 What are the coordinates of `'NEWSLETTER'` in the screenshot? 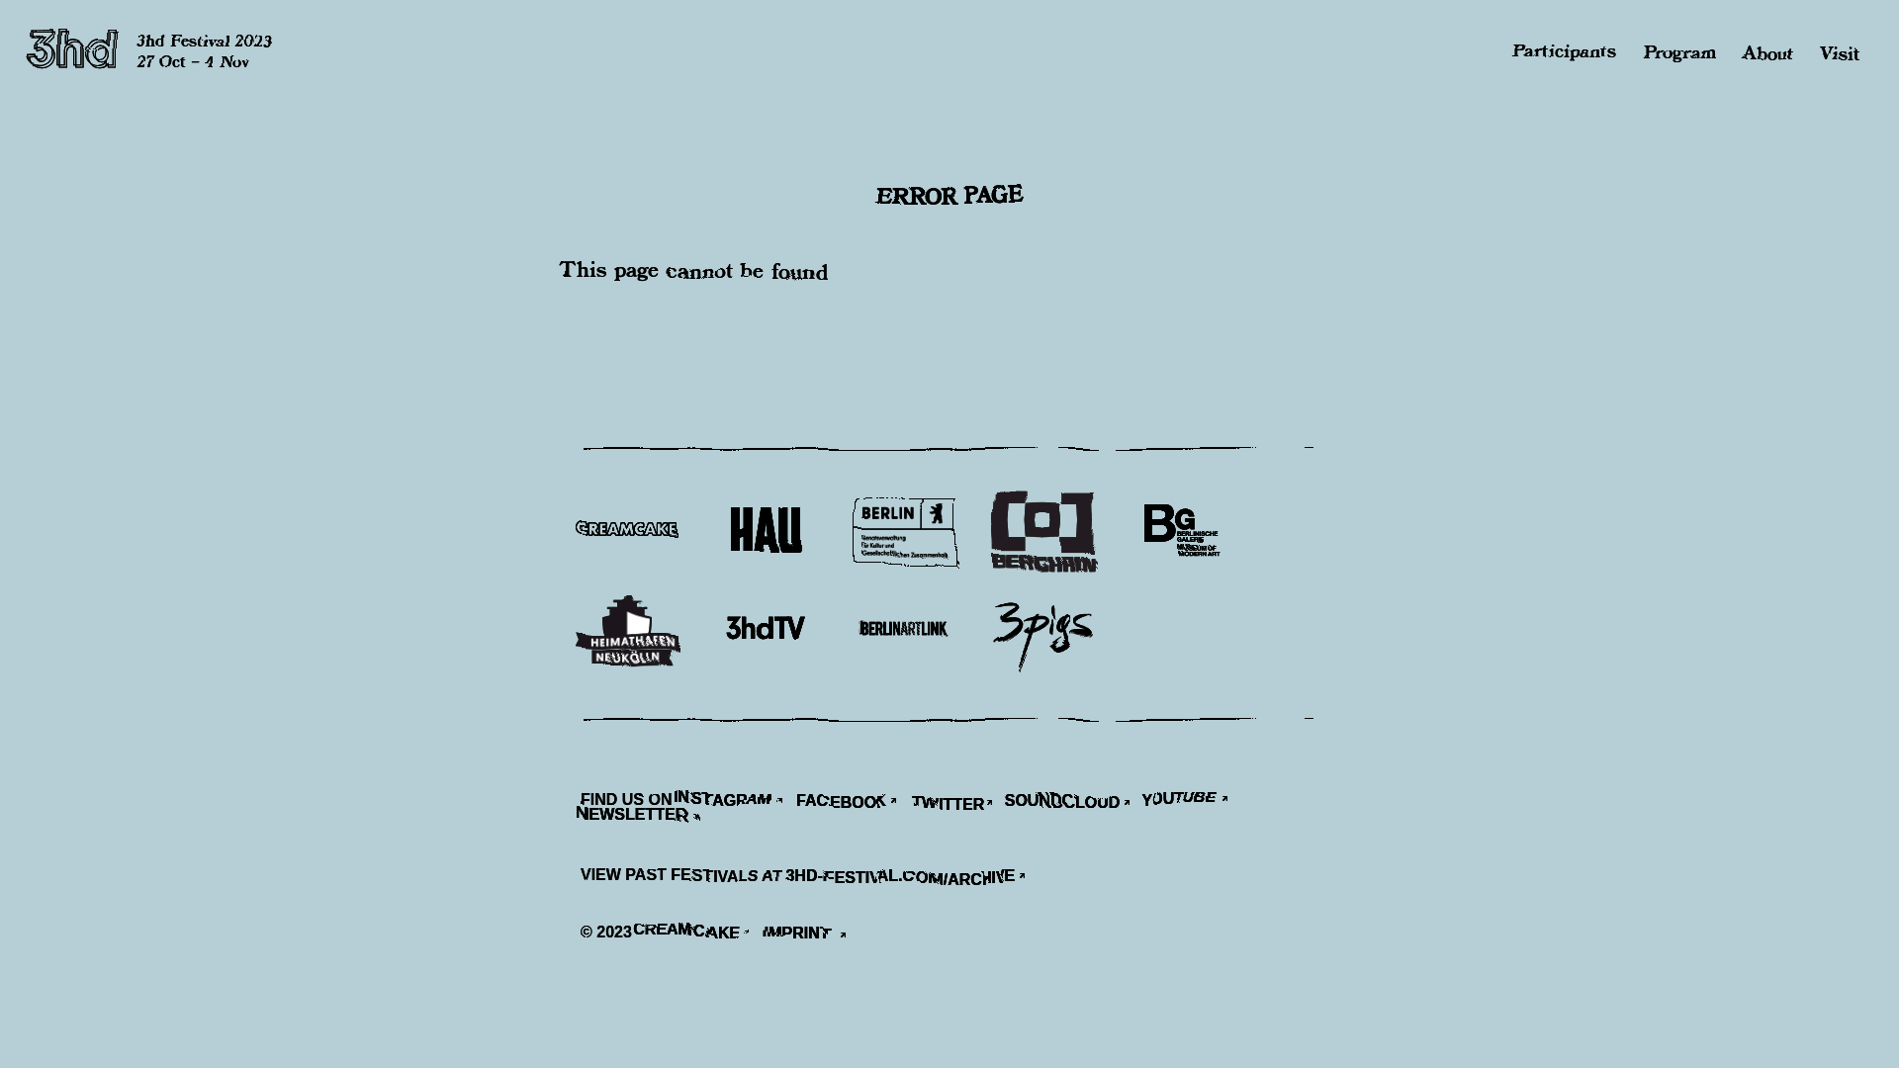 It's located at (647, 820).